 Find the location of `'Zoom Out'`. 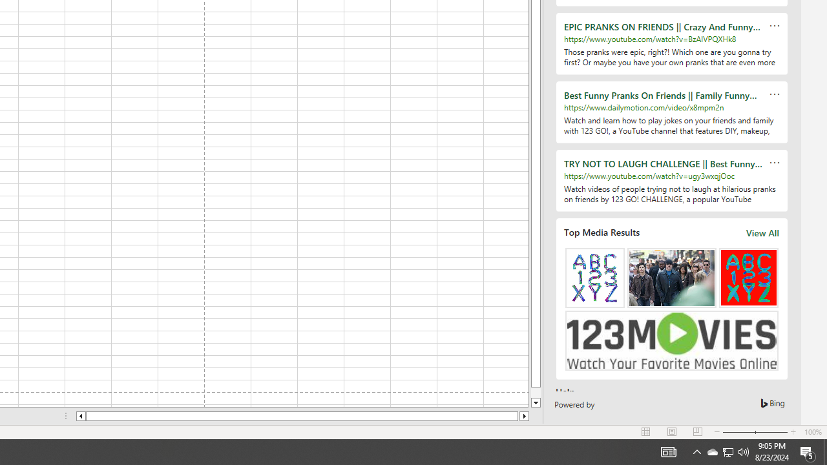

'Zoom Out' is located at coordinates (738, 432).